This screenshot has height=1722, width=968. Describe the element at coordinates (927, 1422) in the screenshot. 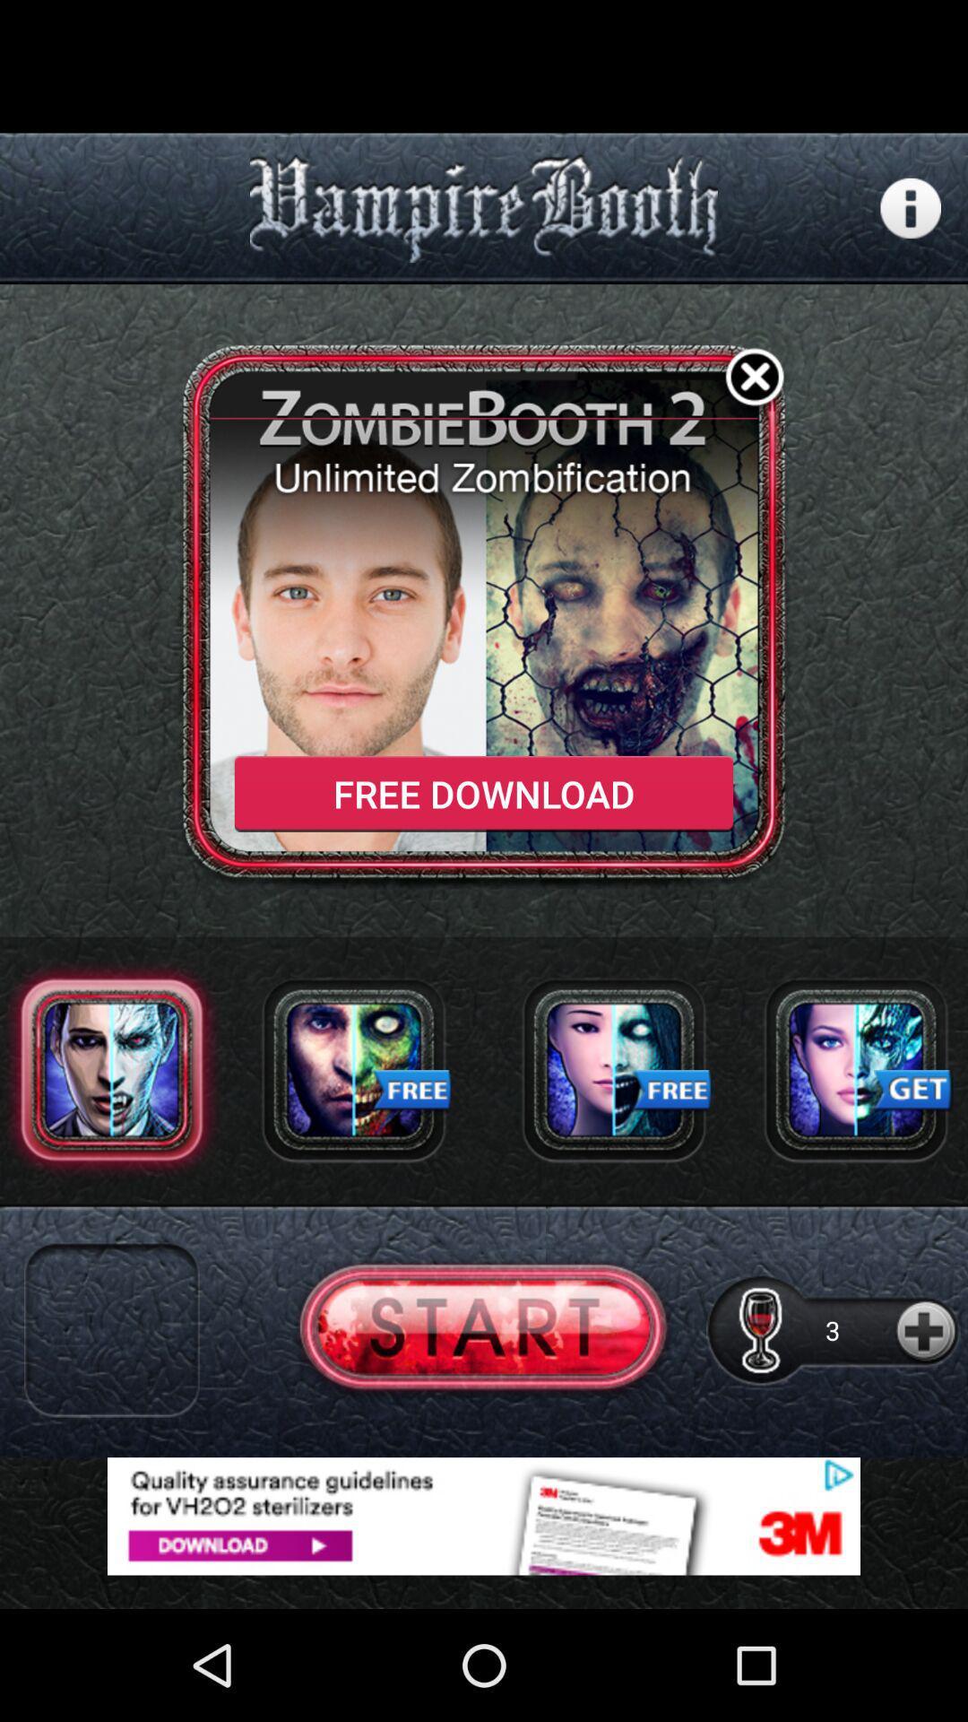

I see `the add icon` at that location.